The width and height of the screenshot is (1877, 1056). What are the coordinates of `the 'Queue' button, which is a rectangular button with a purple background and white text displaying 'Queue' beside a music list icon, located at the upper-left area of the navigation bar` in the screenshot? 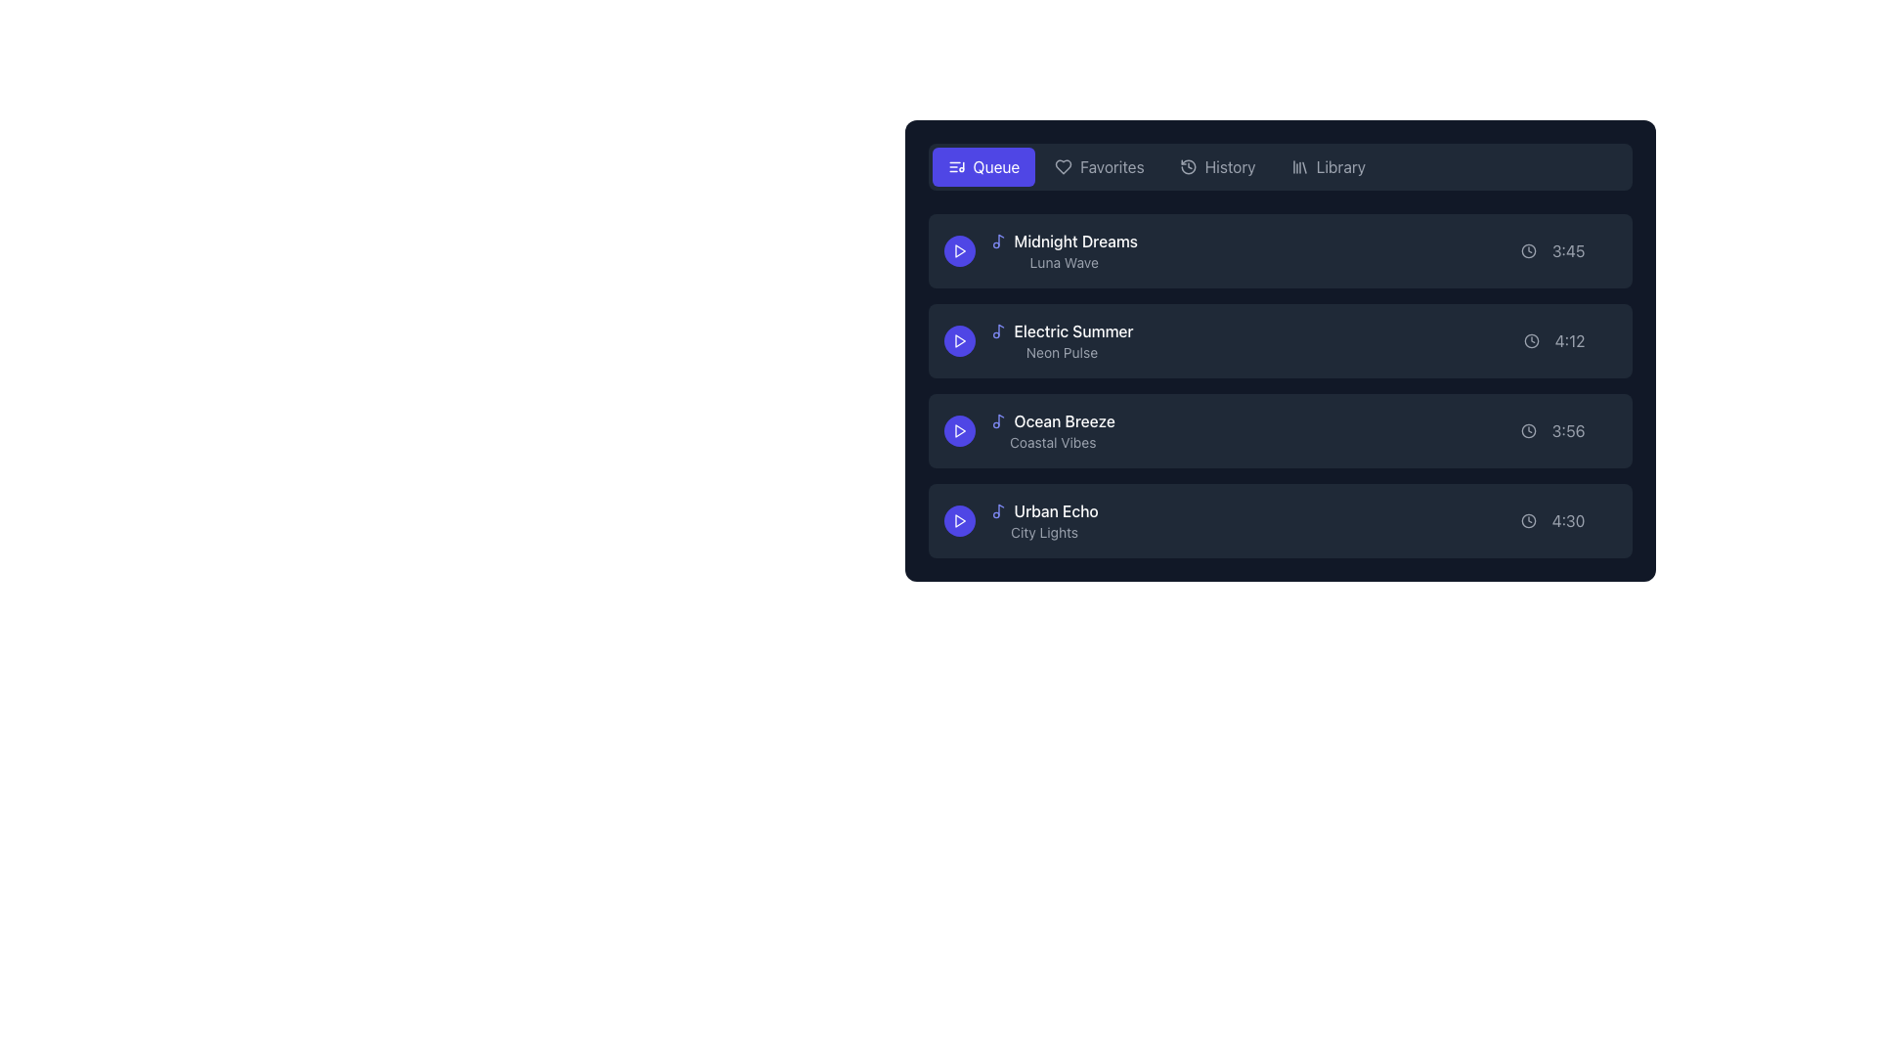 It's located at (983, 165).